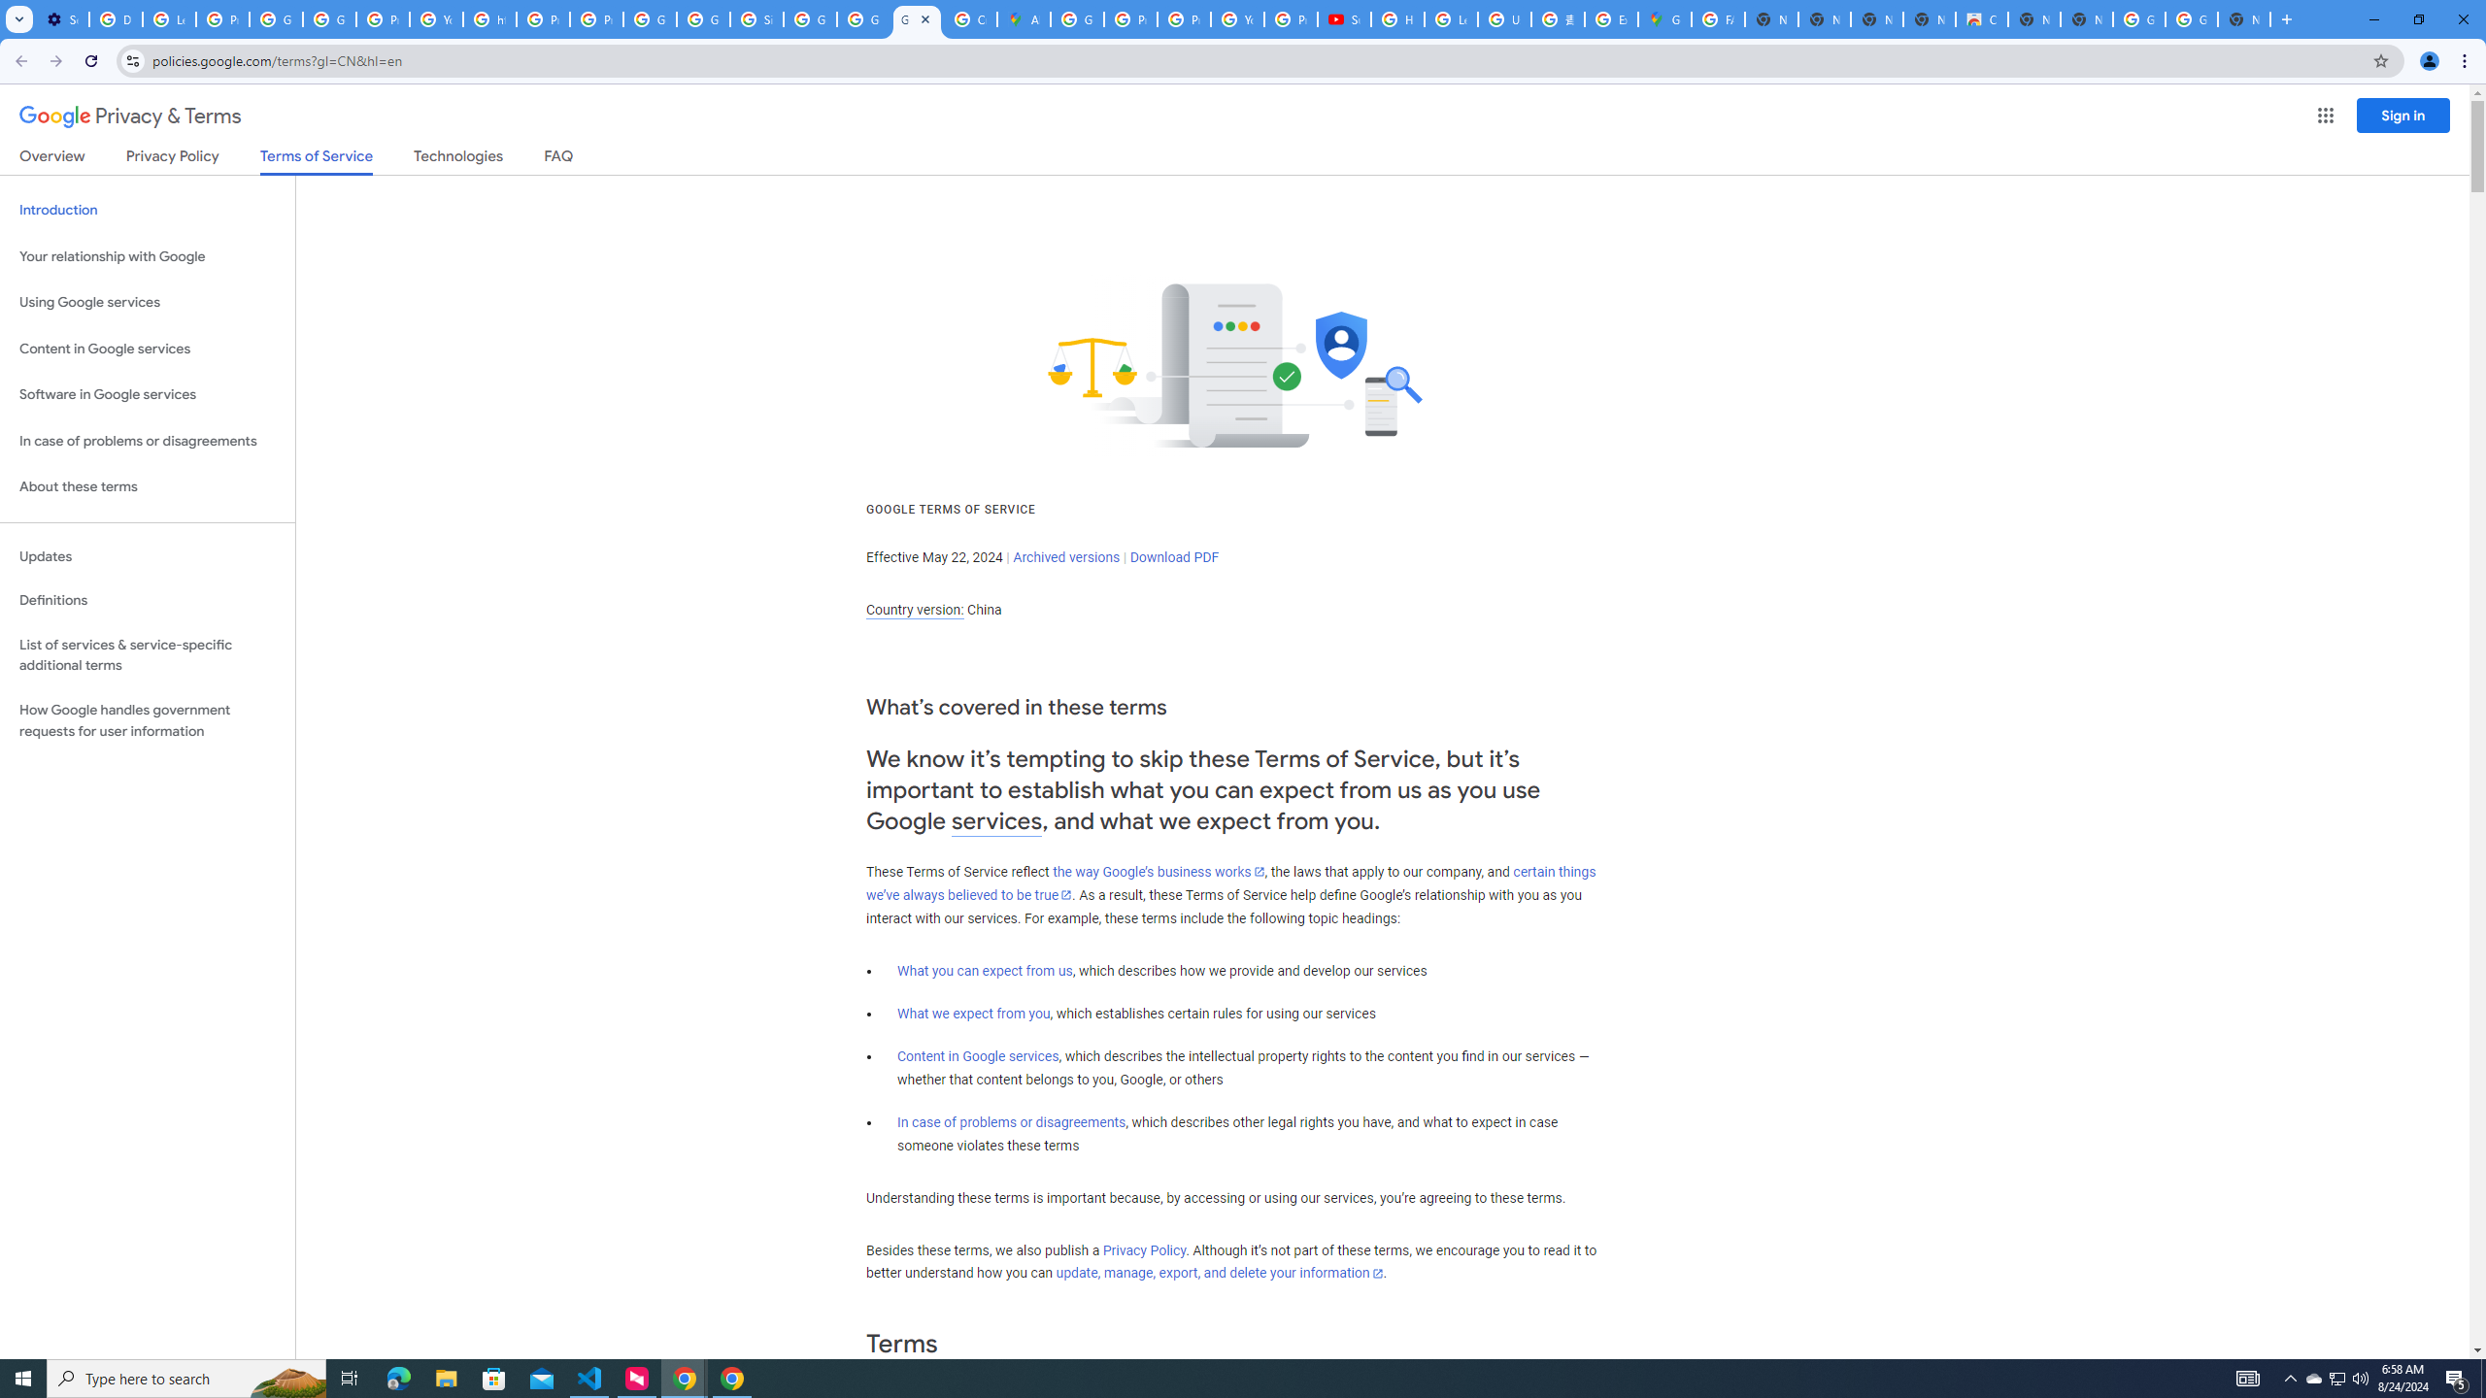 The height and width of the screenshot is (1398, 2486). What do you see at coordinates (62, 18) in the screenshot?
I see `'Settings - On startup'` at bounding box center [62, 18].